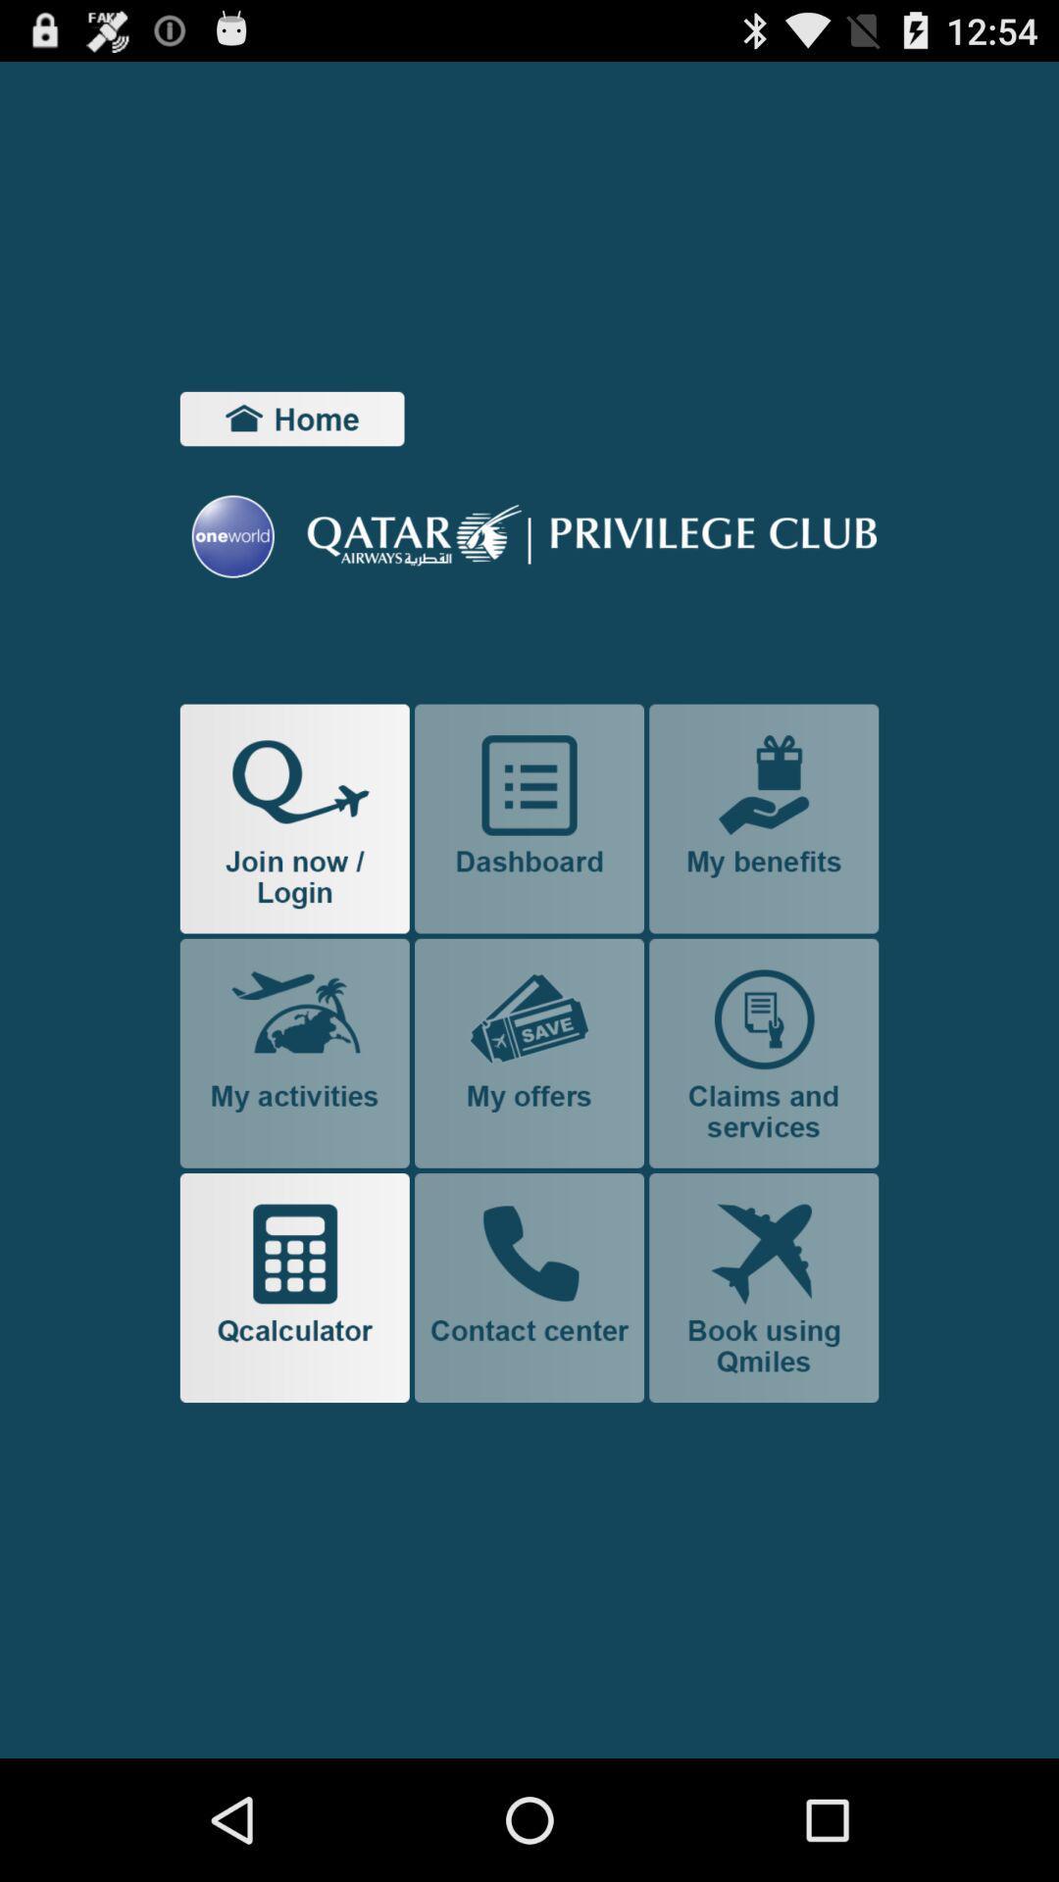 Image resolution: width=1059 pixels, height=1882 pixels. I want to click on my benefits box, so click(763, 818).